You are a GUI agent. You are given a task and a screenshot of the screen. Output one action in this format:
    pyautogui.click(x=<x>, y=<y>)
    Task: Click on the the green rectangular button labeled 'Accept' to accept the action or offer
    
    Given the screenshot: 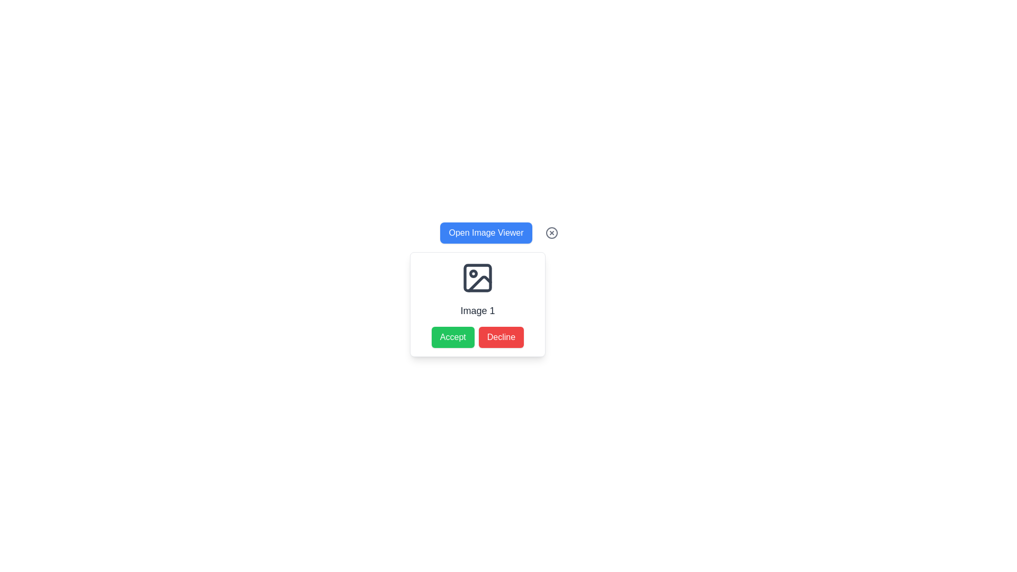 What is the action you would take?
    pyautogui.click(x=453, y=337)
    